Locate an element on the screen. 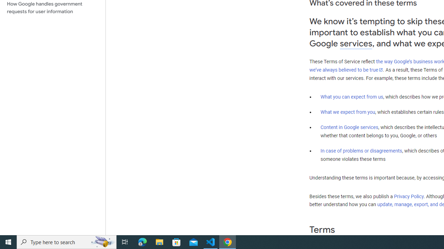  'Content in Google services' is located at coordinates (349, 127).